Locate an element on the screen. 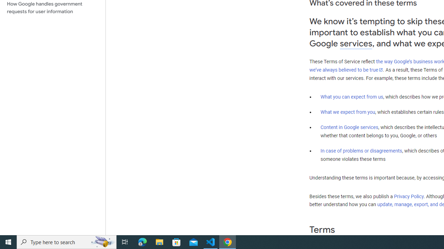  'Content in Google services' is located at coordinates (349, 127).